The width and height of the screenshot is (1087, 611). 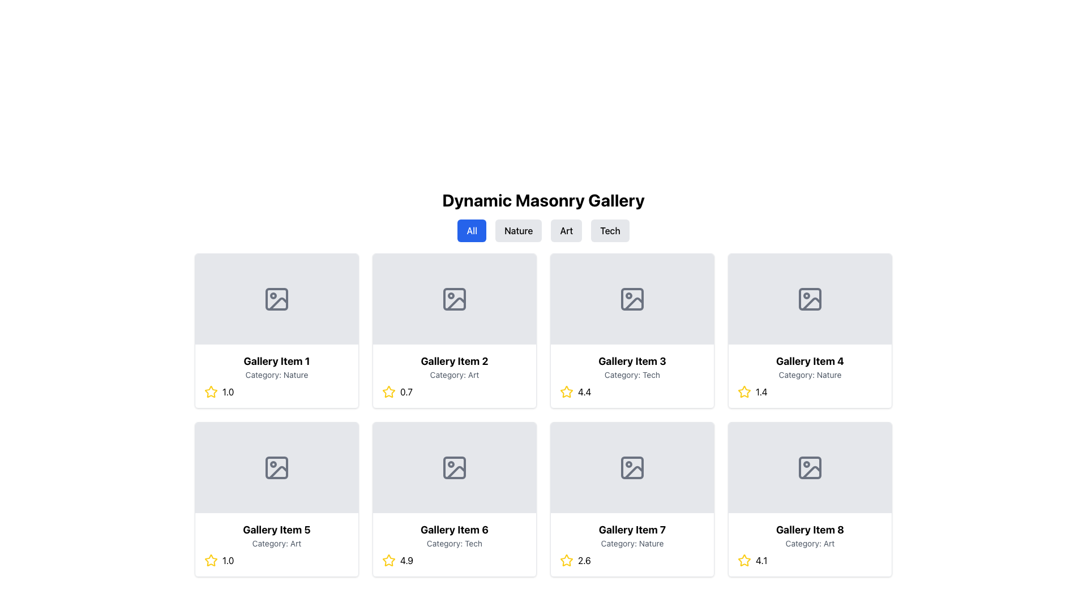 What do you see at coordinates (744, 391) in the screenshot?
I see `the star icon located at the bottom left of the card labeled 'Gallery Item 4' to interact with the rating system` at bounding box center [744, 391].